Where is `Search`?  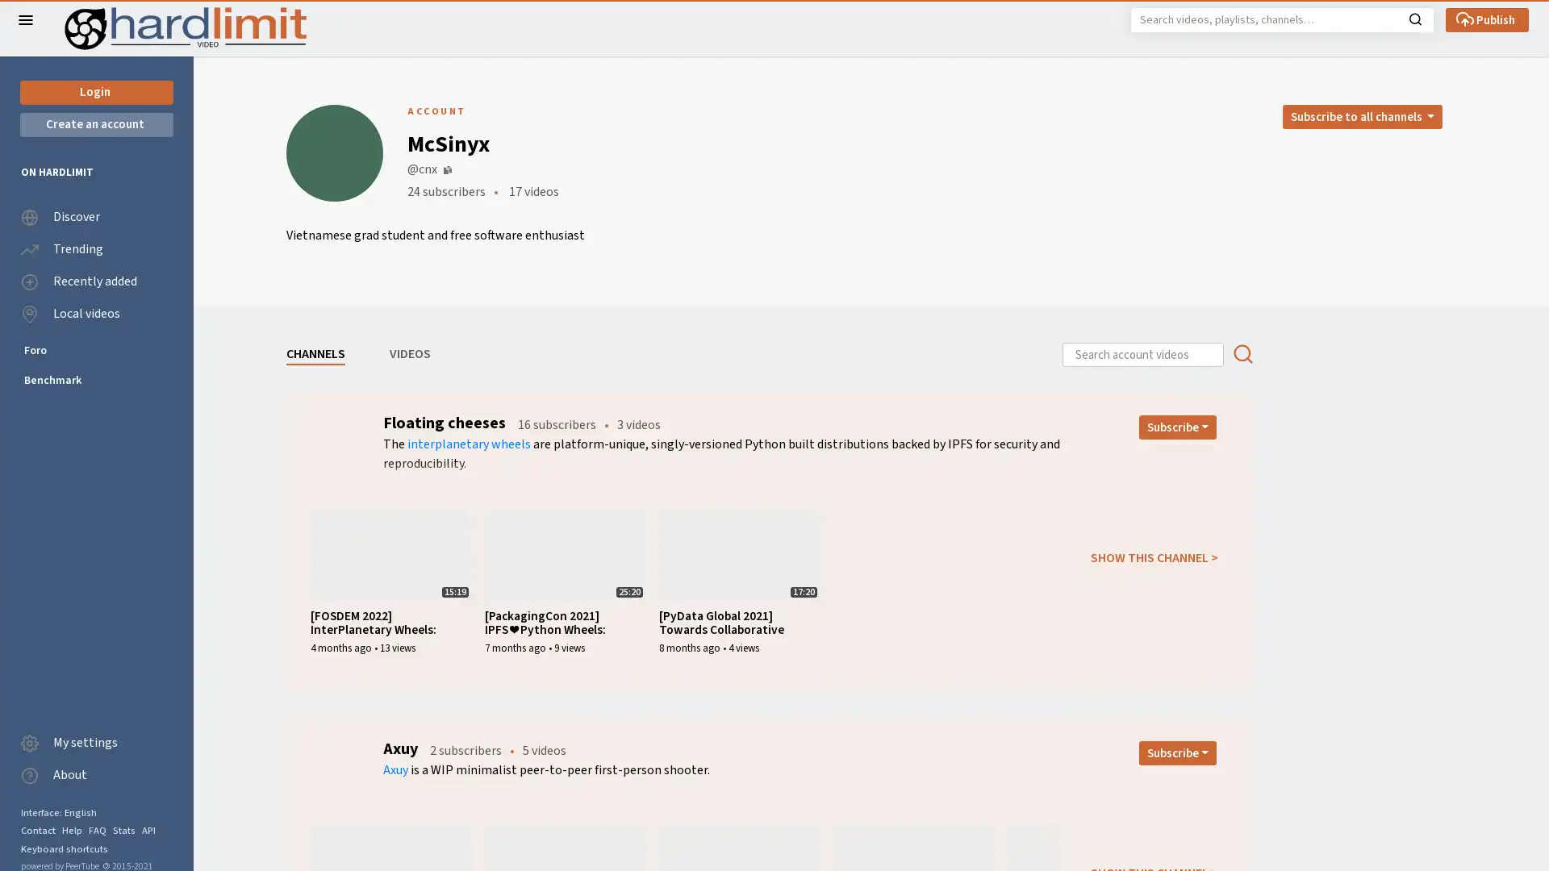 Search is located at coordinates (1242, 353).